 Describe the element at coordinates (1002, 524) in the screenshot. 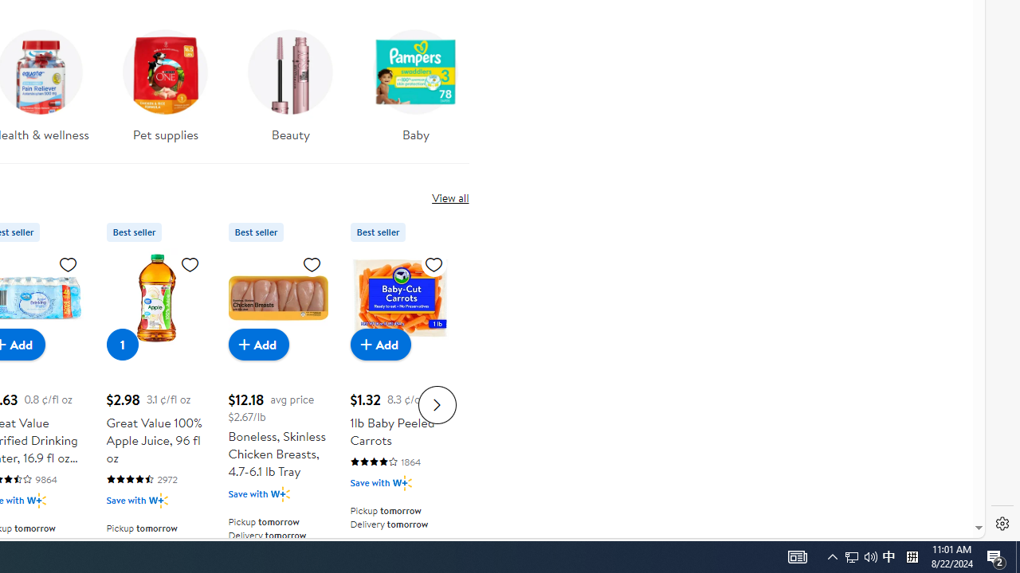

I see `'Settings'` at that location.